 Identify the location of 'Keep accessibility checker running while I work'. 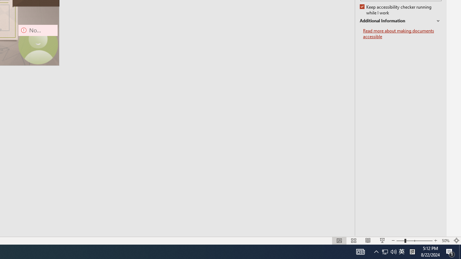
(396, 10).